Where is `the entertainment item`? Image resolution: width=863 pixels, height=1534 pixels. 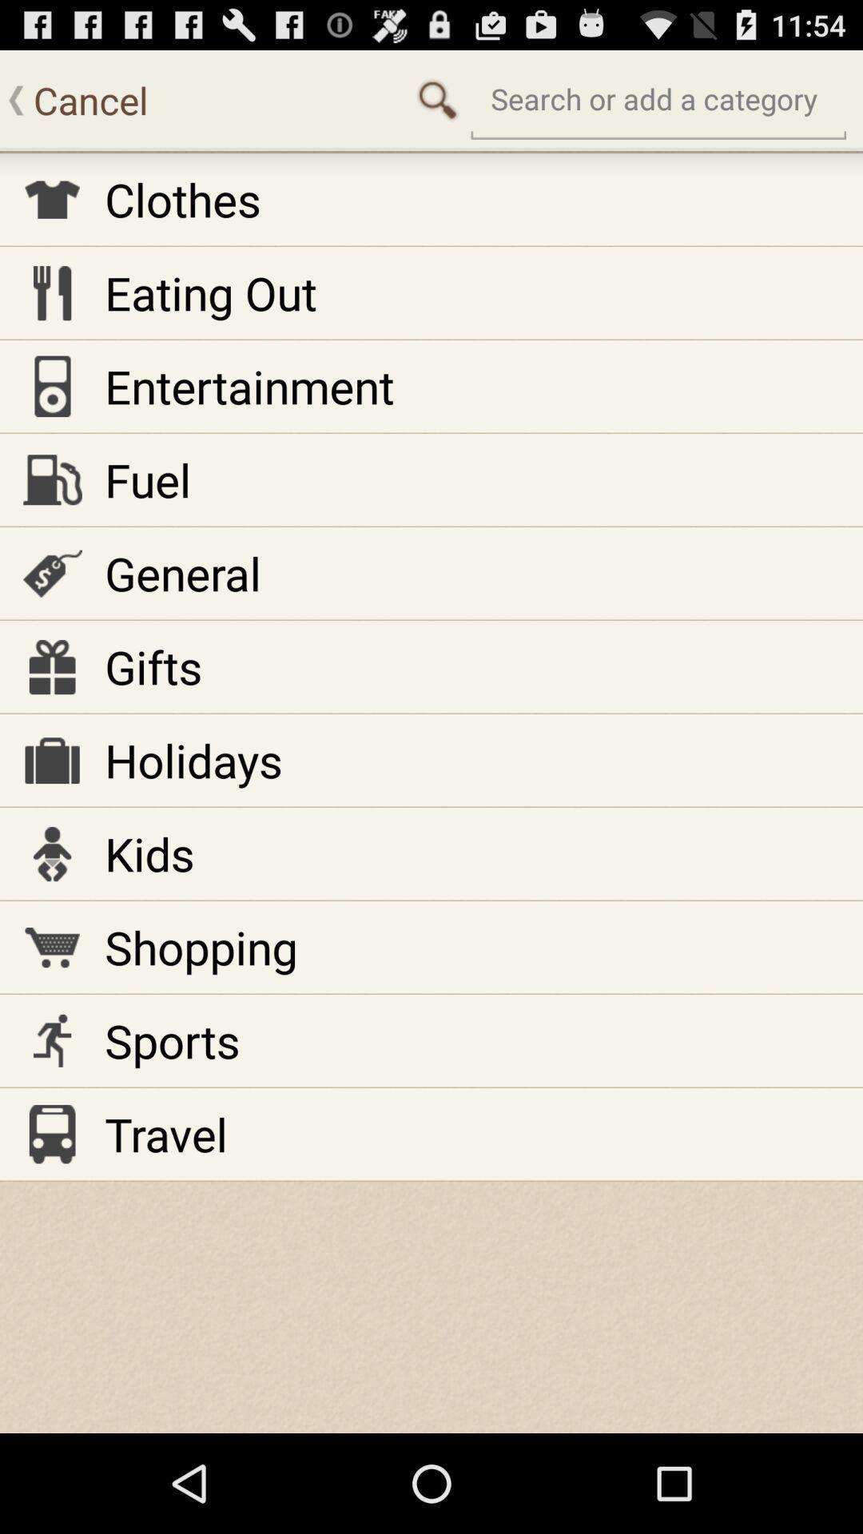 the entertainment item is located at coordinates (249, 386).